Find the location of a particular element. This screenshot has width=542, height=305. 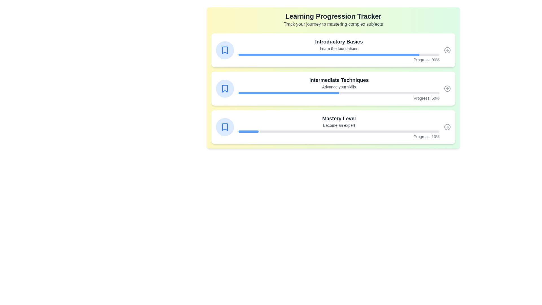

the IconButton representing the bookmark action for the 'Introductory Basics' item is located at coordinates (224, 50).